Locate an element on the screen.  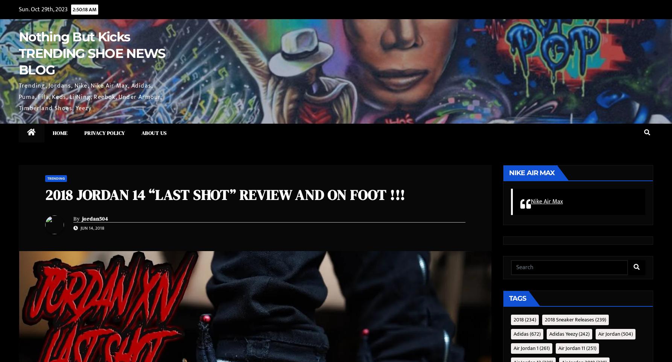
'(261)' is located at coordinates (543, 348).